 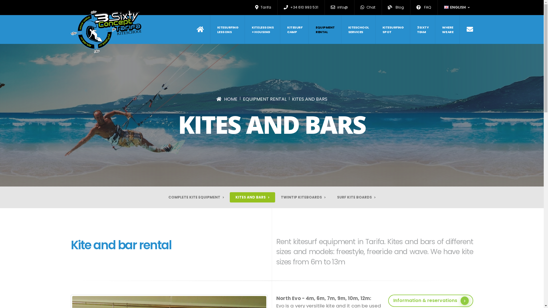 I want to click on 'COMPLETE KITE EQUIPMENT', so click(x=196, y=197).